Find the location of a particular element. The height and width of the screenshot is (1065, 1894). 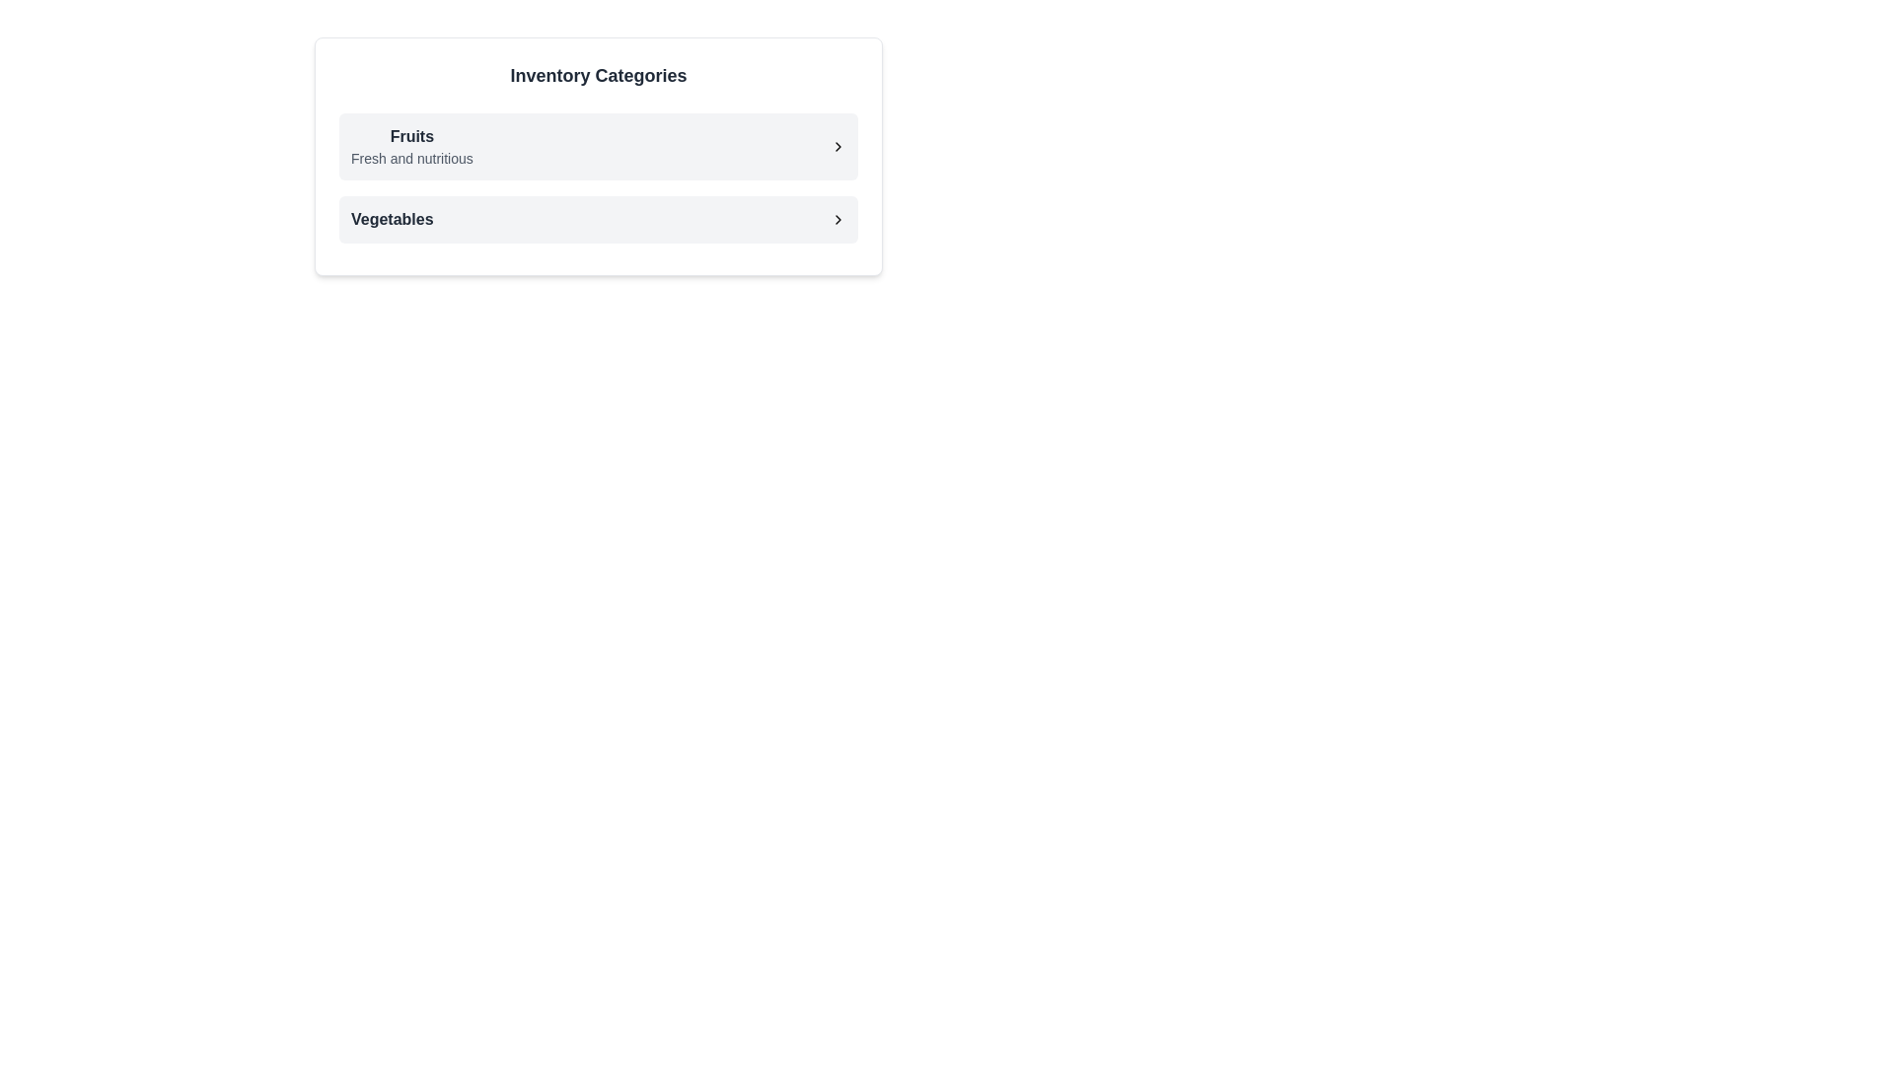

the navigation indicator icon for the 'Fruits' category in the 'Inventory Categories' section is located at coordinates (838, 146).